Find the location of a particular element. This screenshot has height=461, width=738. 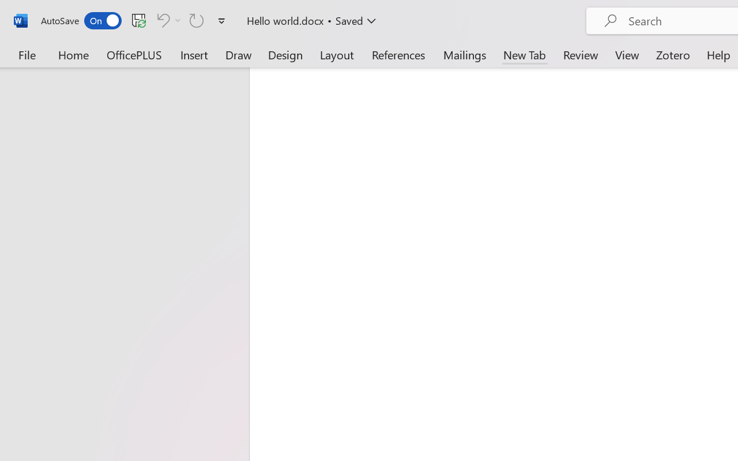

'File Tab' is located at coordinates (27, 54).